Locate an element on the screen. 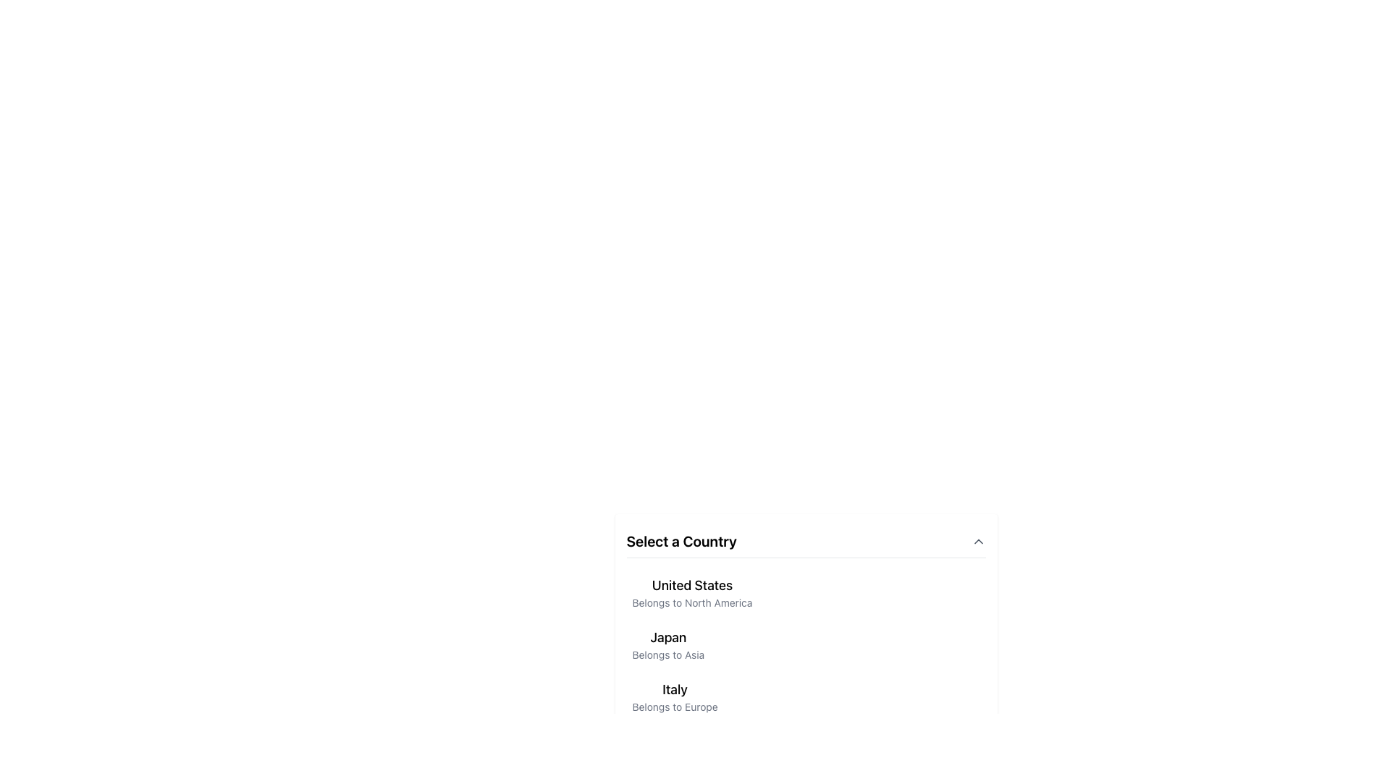  the second list item with subtext in the 'Select a Country' dropdown, which is located between 'United States' and 'Italy' is located at coordinates (805, 644).